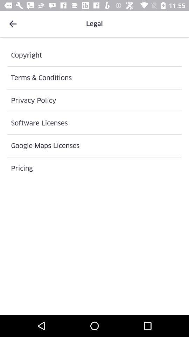 The image size is (189, 337). I want to click on the icon below the copyright item, so click(94, 78).